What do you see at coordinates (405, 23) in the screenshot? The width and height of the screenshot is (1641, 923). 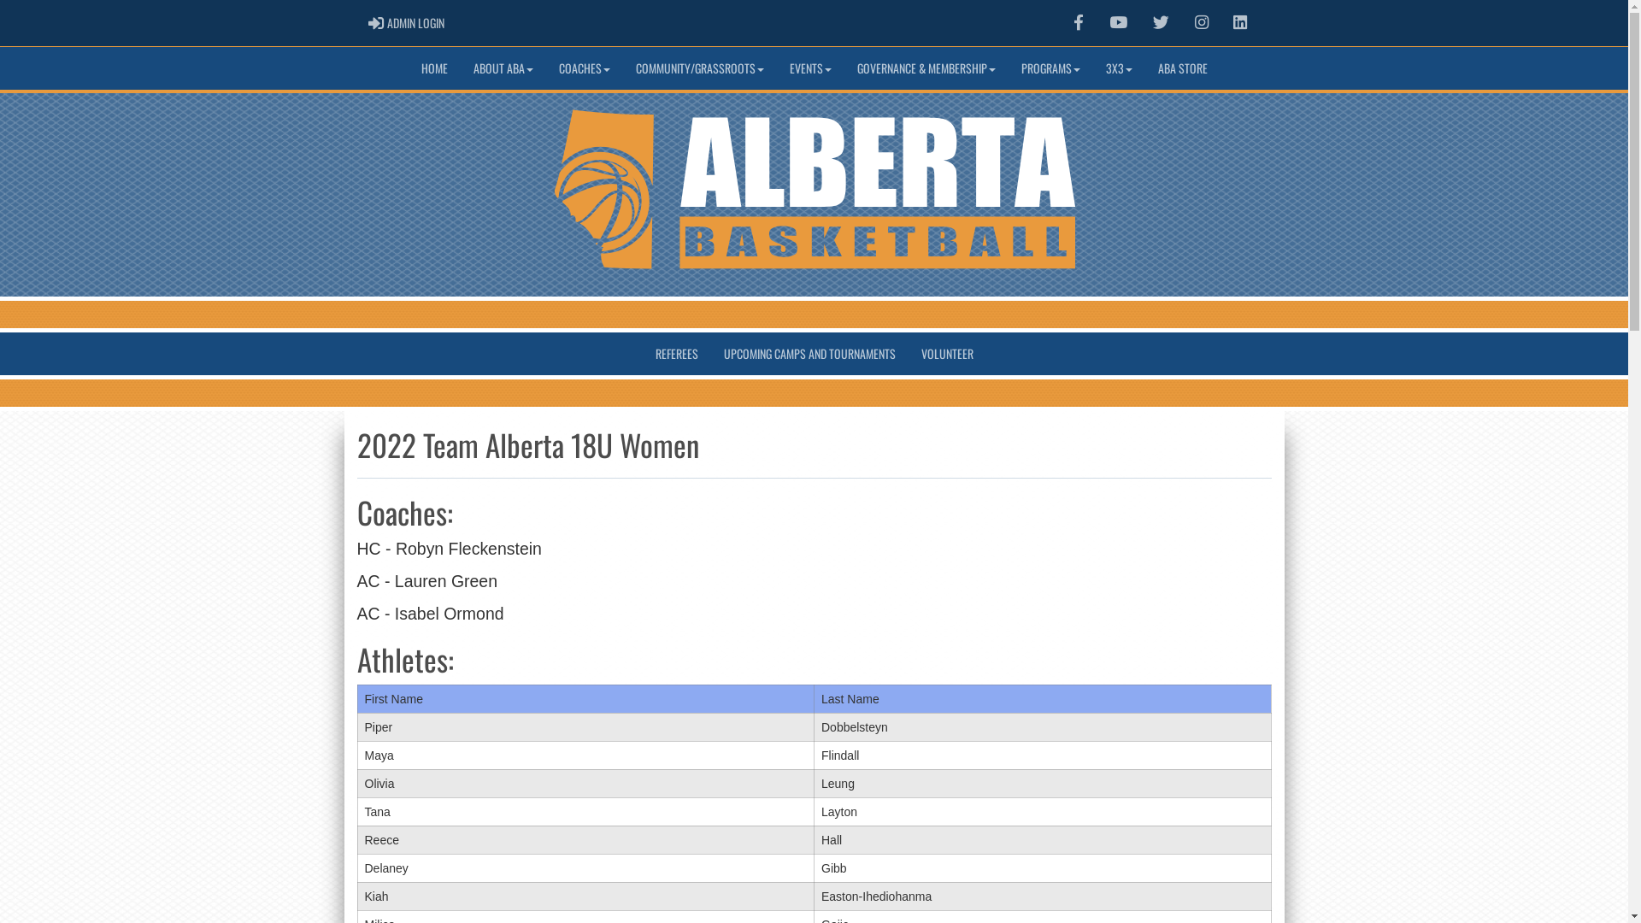 I see `'LOGIN PAGE` at bounding box center [405, 23].